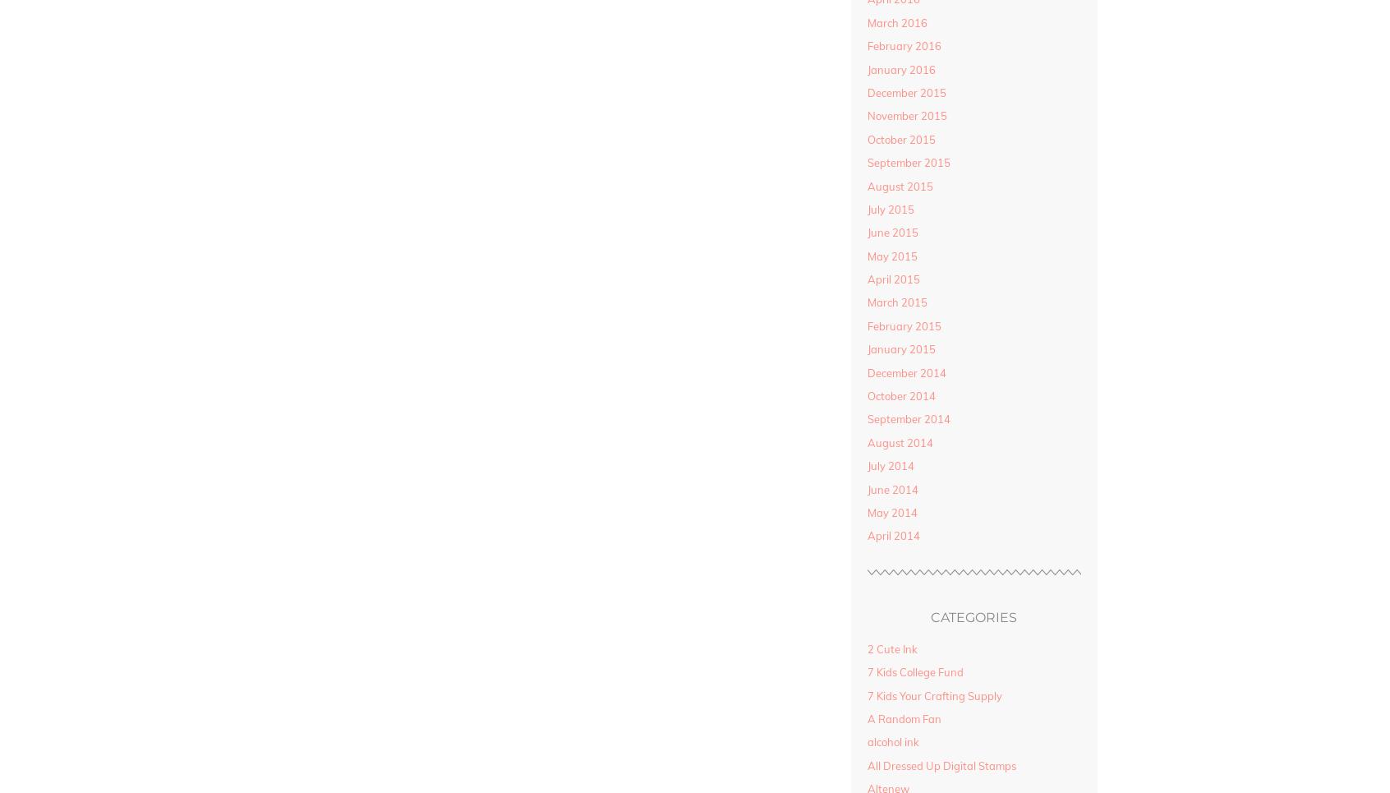 This screenshot has width=1390, height=793. I want to click on 'August 2015', so click(900, 185).